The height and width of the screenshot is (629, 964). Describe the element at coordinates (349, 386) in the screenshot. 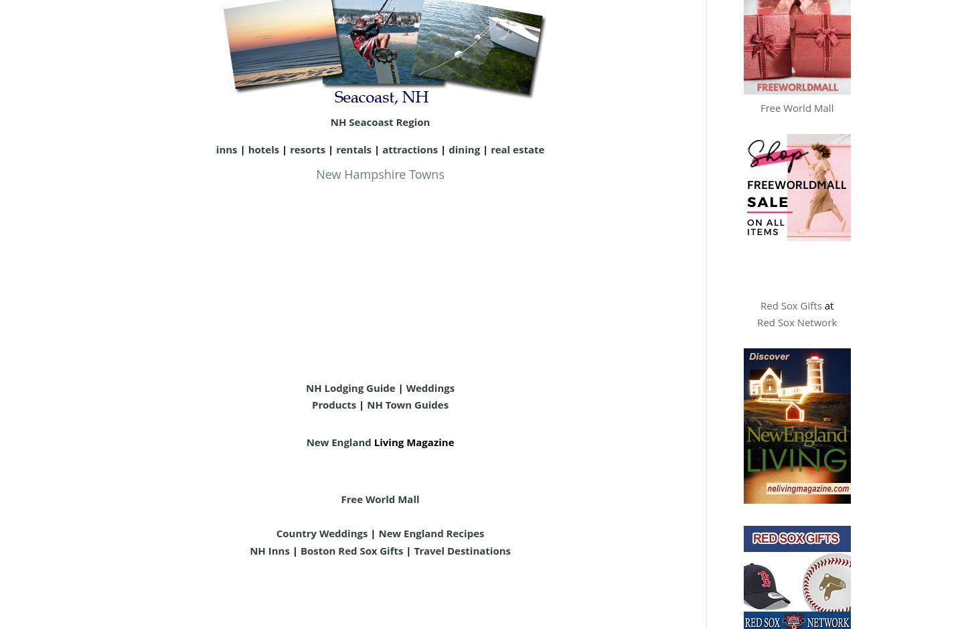

I see `'NH Lodging Guide'` at that location.